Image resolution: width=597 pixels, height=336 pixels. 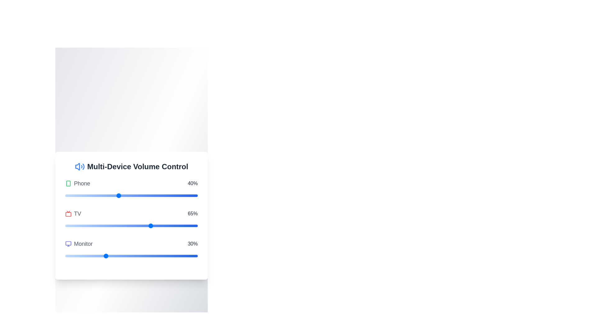 I want to click on the Information display row labeled 'Monitor', so click(x=131, y=243).